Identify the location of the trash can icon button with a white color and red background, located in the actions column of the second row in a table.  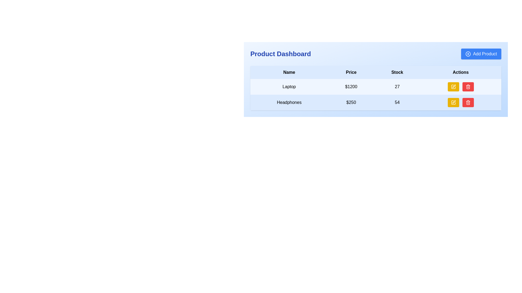
(468, 103).